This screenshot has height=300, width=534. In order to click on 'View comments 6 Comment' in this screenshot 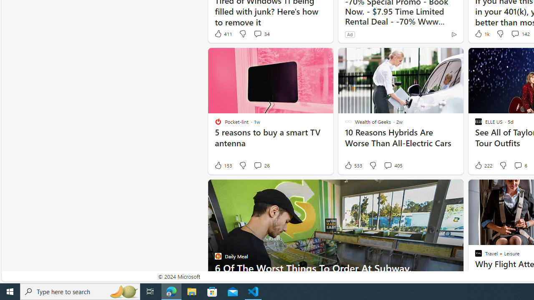, I will do `click(517, 165)`.